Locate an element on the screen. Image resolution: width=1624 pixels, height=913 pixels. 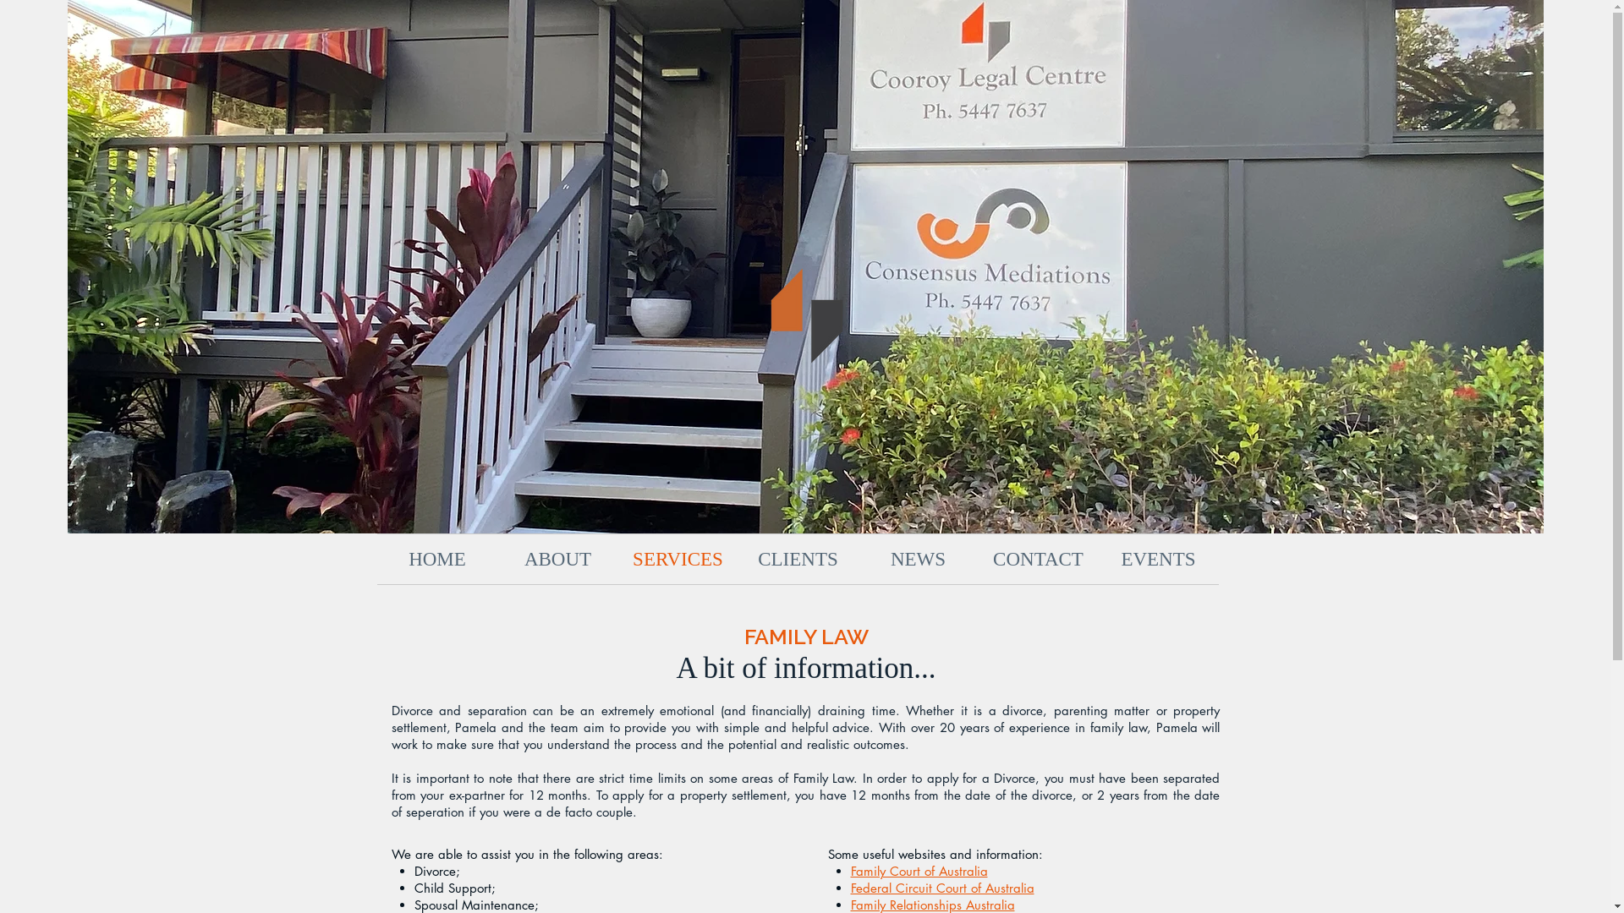
'CONTACT' is located at coordinates (1037, 559).